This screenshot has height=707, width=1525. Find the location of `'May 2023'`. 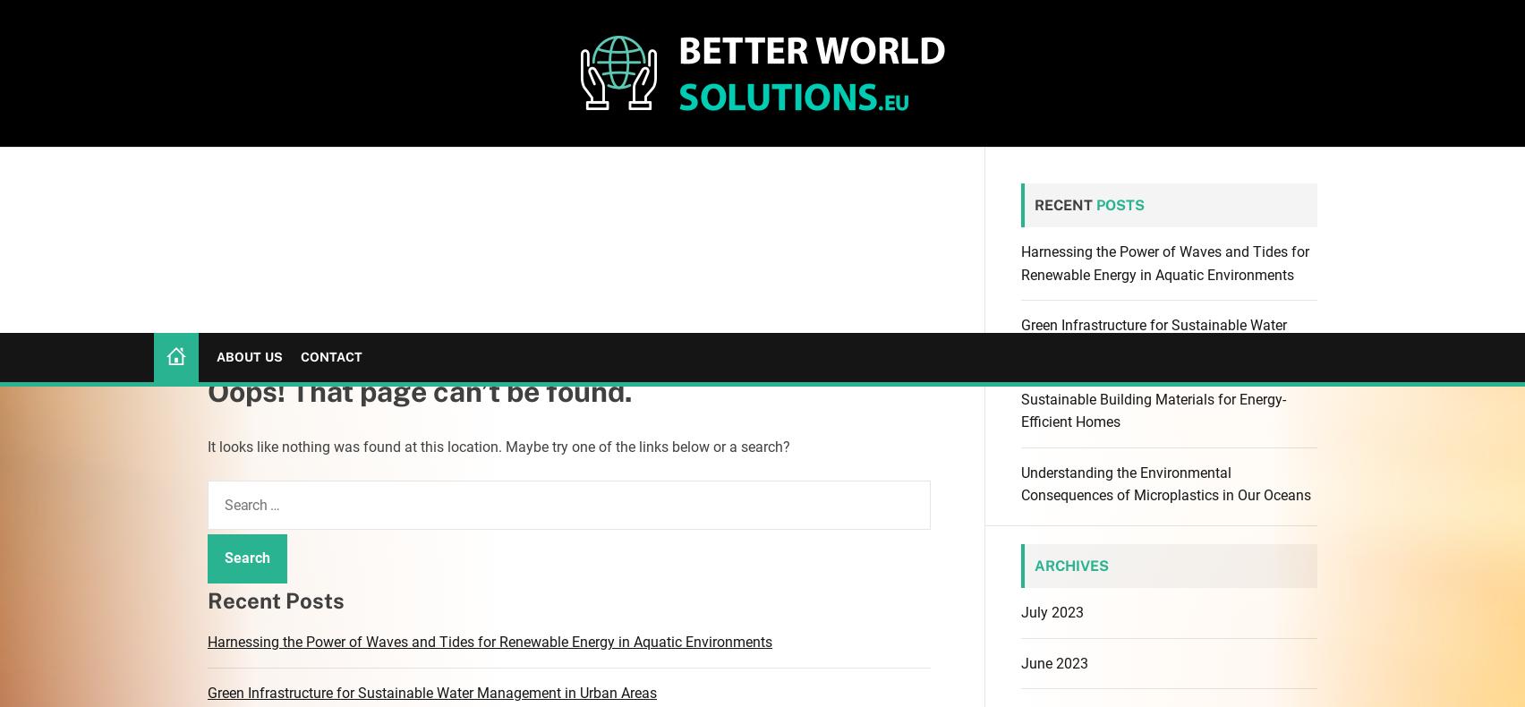

'May 2023' is located at coordinates (1019, 379).